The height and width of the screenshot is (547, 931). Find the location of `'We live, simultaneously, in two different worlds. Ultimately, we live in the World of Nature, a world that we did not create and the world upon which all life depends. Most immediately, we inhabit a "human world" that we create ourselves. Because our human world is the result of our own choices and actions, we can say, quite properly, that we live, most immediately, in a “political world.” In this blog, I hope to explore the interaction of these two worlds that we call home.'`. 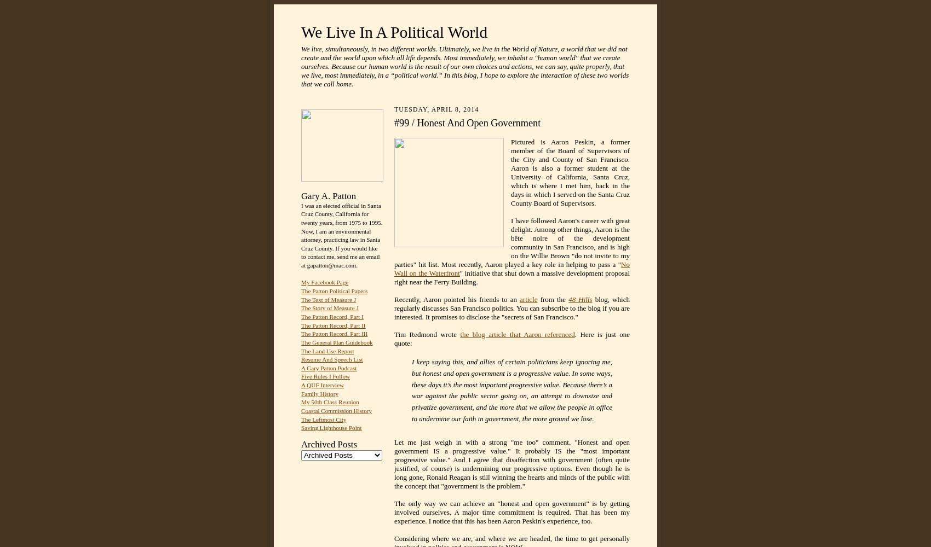

'We live, simultaneously, in two different worlds. Ultimately, we live in the World of Nature, a world that we did not create and the world upon which all life depends. Most immediately, we inhabit a "human world" that we create ourselves. Because our human world is the result of our own choices and actions, we can say, quite properly, that we live, most immediately, in a “political world.” In this blog, I hope to explore the interaction of these two worlds that we call home.' is located at coordinates (464, 66).